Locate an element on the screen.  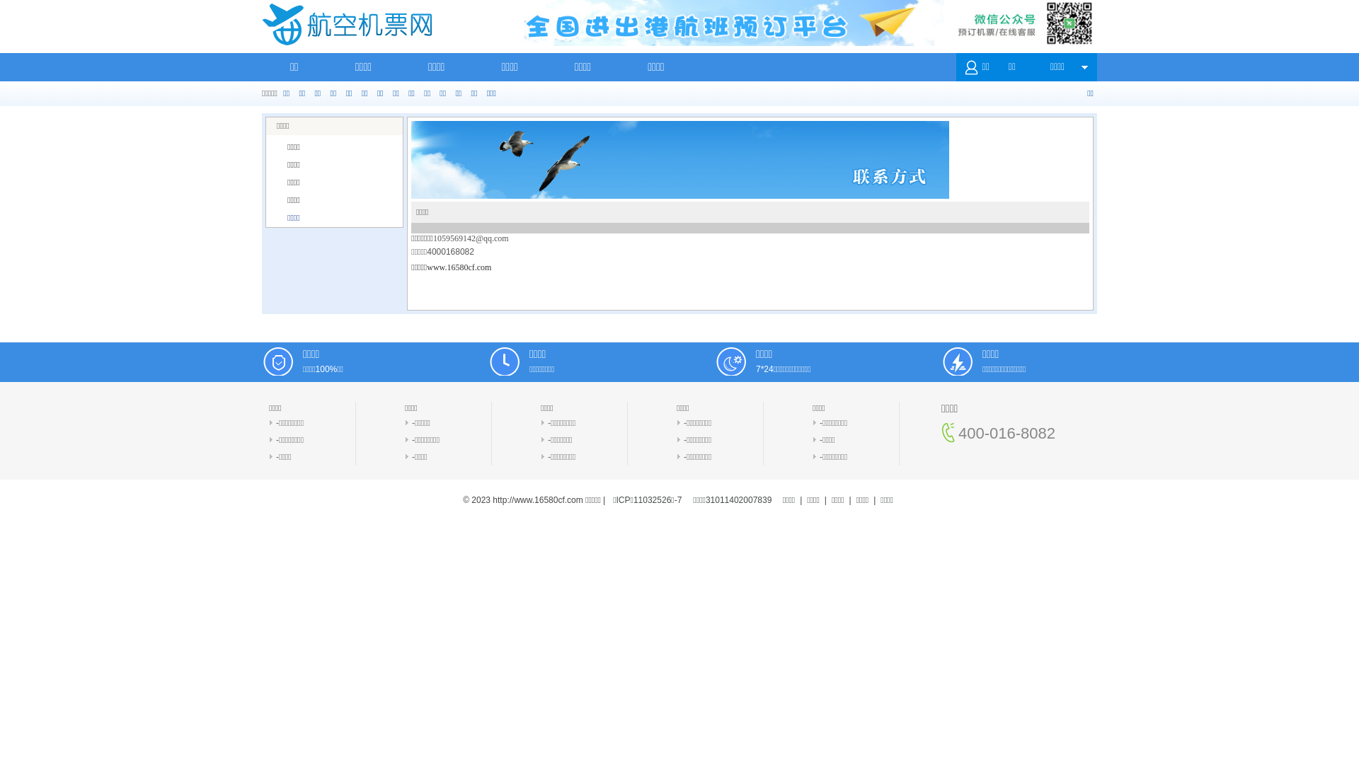
'1059569142@qq.com' is located at coordinates (471, 237).